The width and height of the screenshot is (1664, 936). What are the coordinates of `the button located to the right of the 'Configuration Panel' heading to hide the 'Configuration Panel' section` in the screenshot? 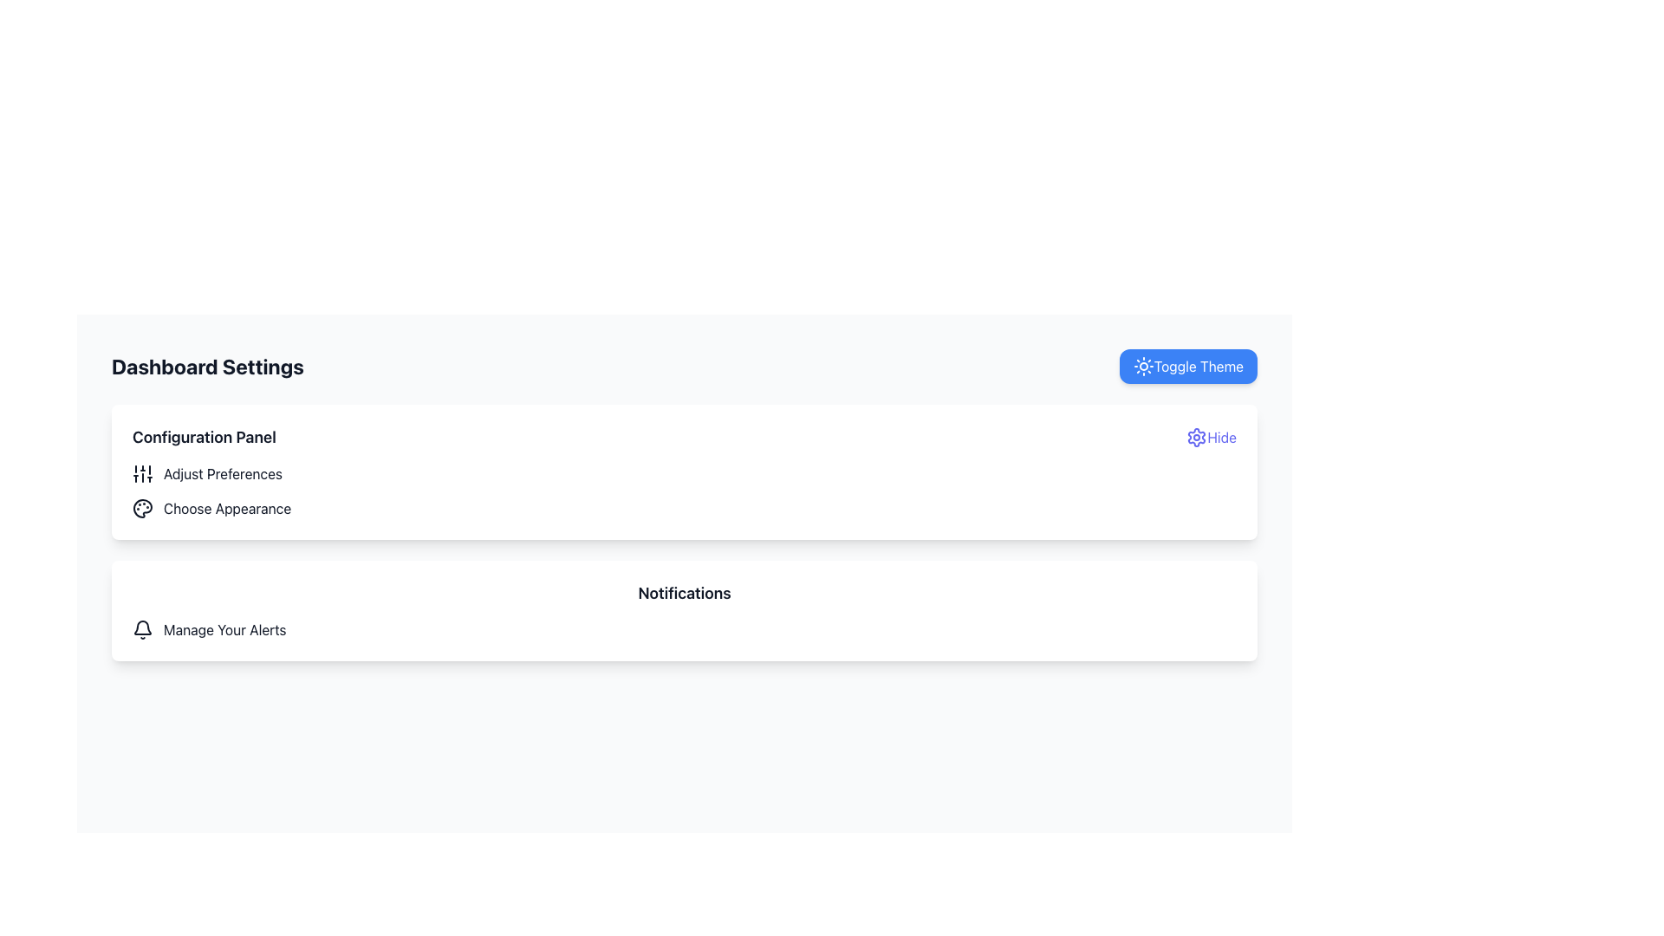 It's located at (1211, 437).